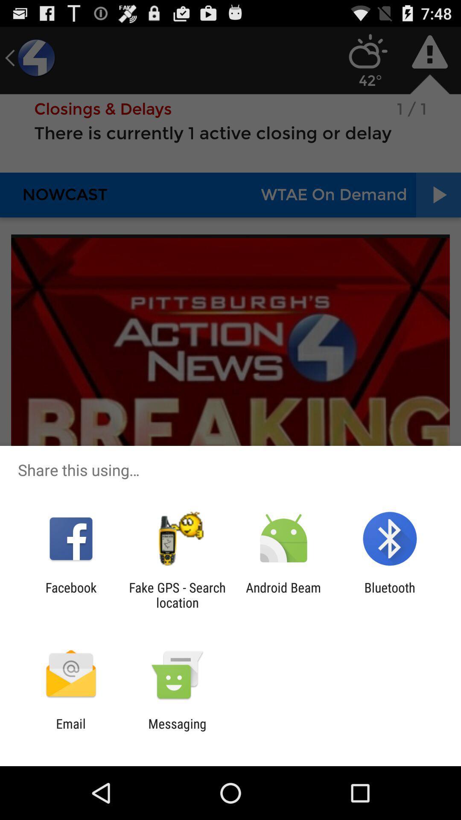 The width and height of the screenshot is (461, 820). What do you see at coordinates (177, 731) in the screenshot?
I see `app to the right of email` at bounding box center [177, 731].